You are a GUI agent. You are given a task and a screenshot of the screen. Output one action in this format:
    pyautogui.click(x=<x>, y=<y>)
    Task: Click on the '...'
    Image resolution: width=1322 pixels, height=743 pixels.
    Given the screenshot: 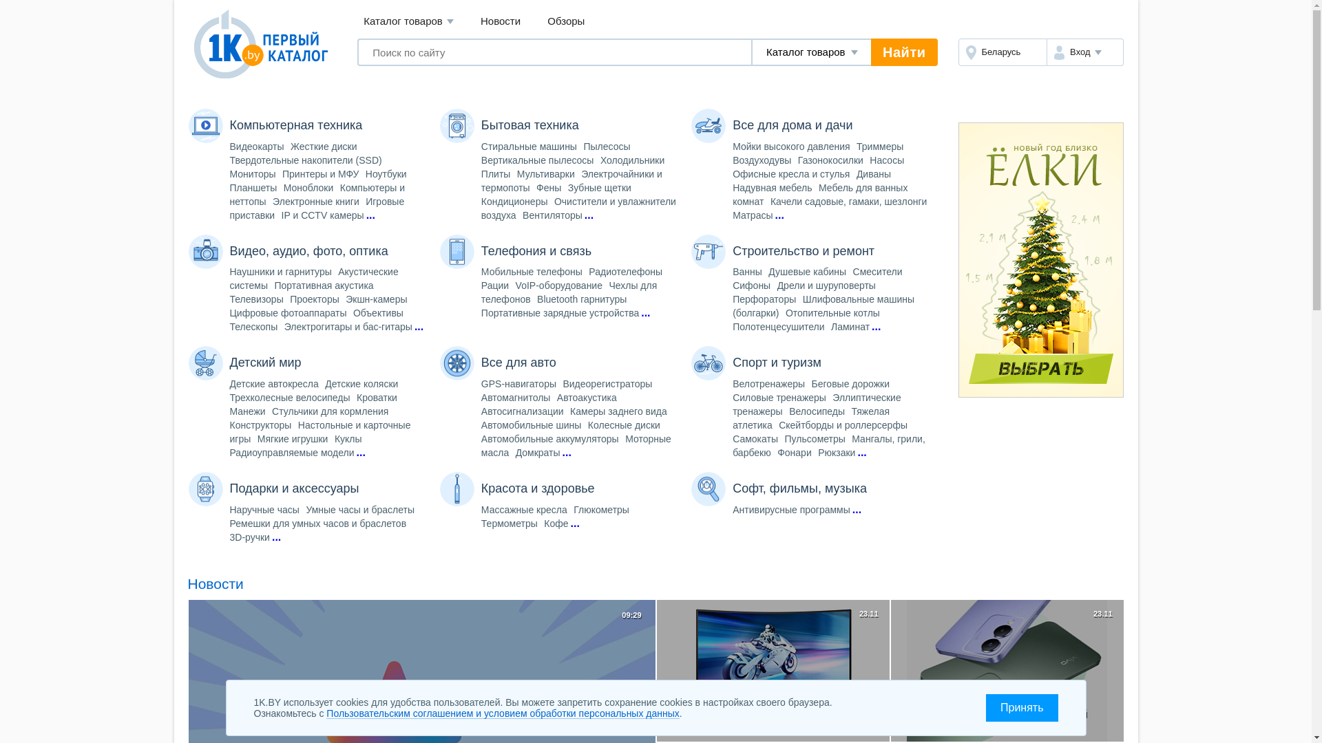 What is the action you would take?
    pyautogui.click(x=366, y=215)
    